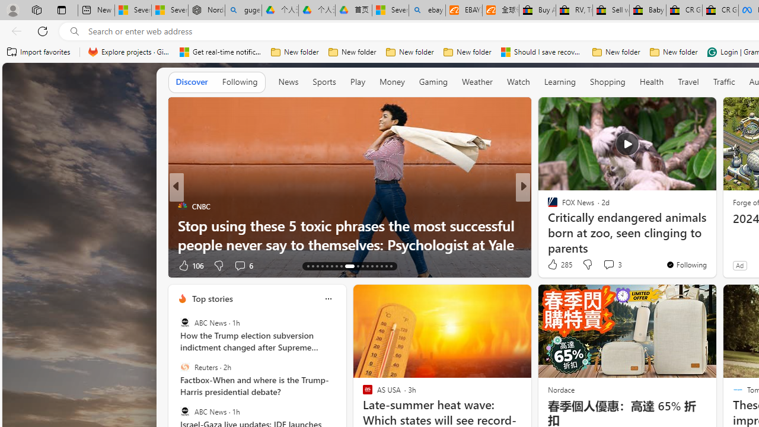 The width and height of the screenshot is (759, 427). Describe the element at coordinates (558, 264) in the screenshot. I see `'285 Like'` at that location.